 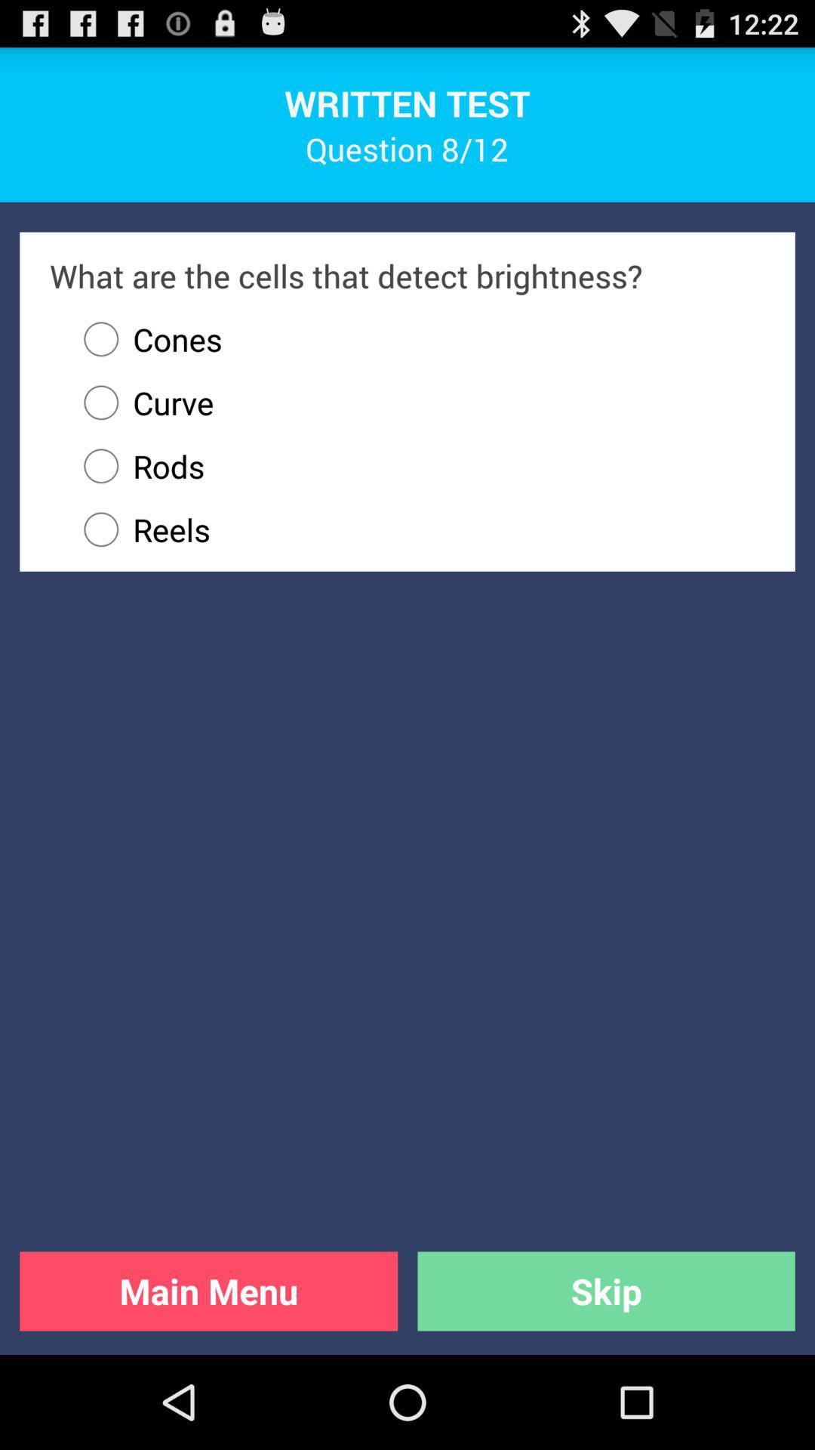 I want to click on reels at the center, so click(x=417, y=529).